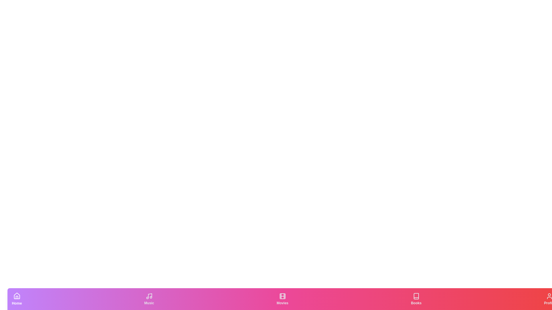  Describe the element at coordinates (149, 299) in the screenshot. I see `the Music tab` at that location.